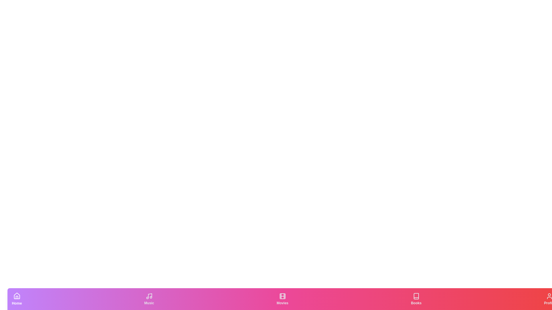  Describe the element at coordinates (149, 299) in the screenshot. I see `the Music tab` at that location.